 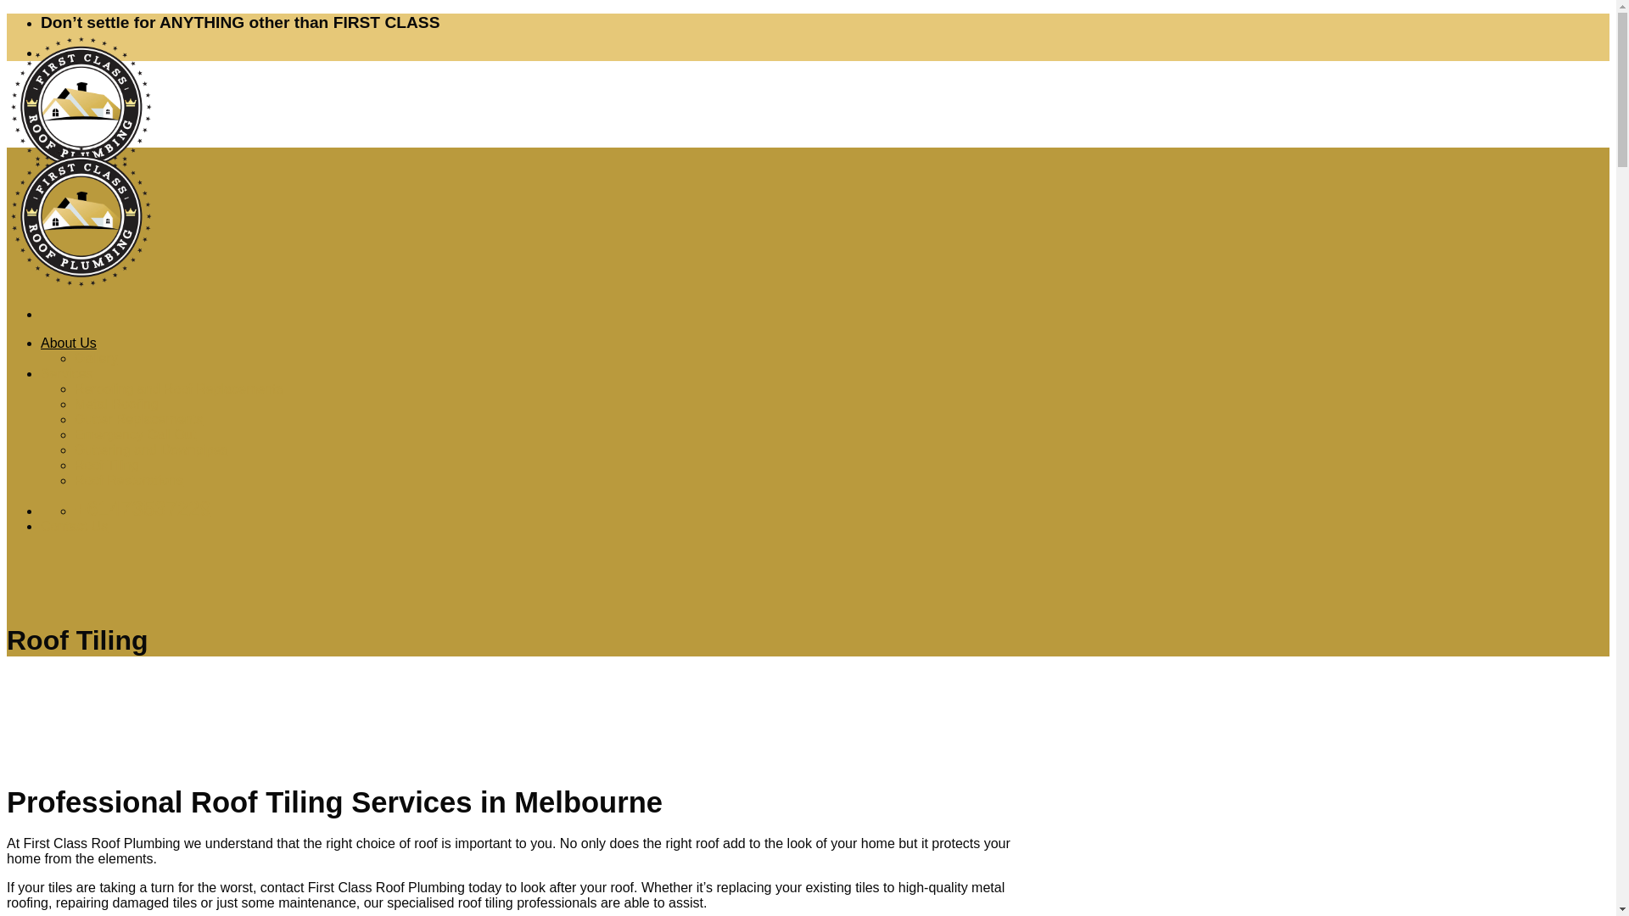 What do you see at coordinates (68, 343) in the screenshot?
I see `'About Us'` at bounding box center [68, 343].